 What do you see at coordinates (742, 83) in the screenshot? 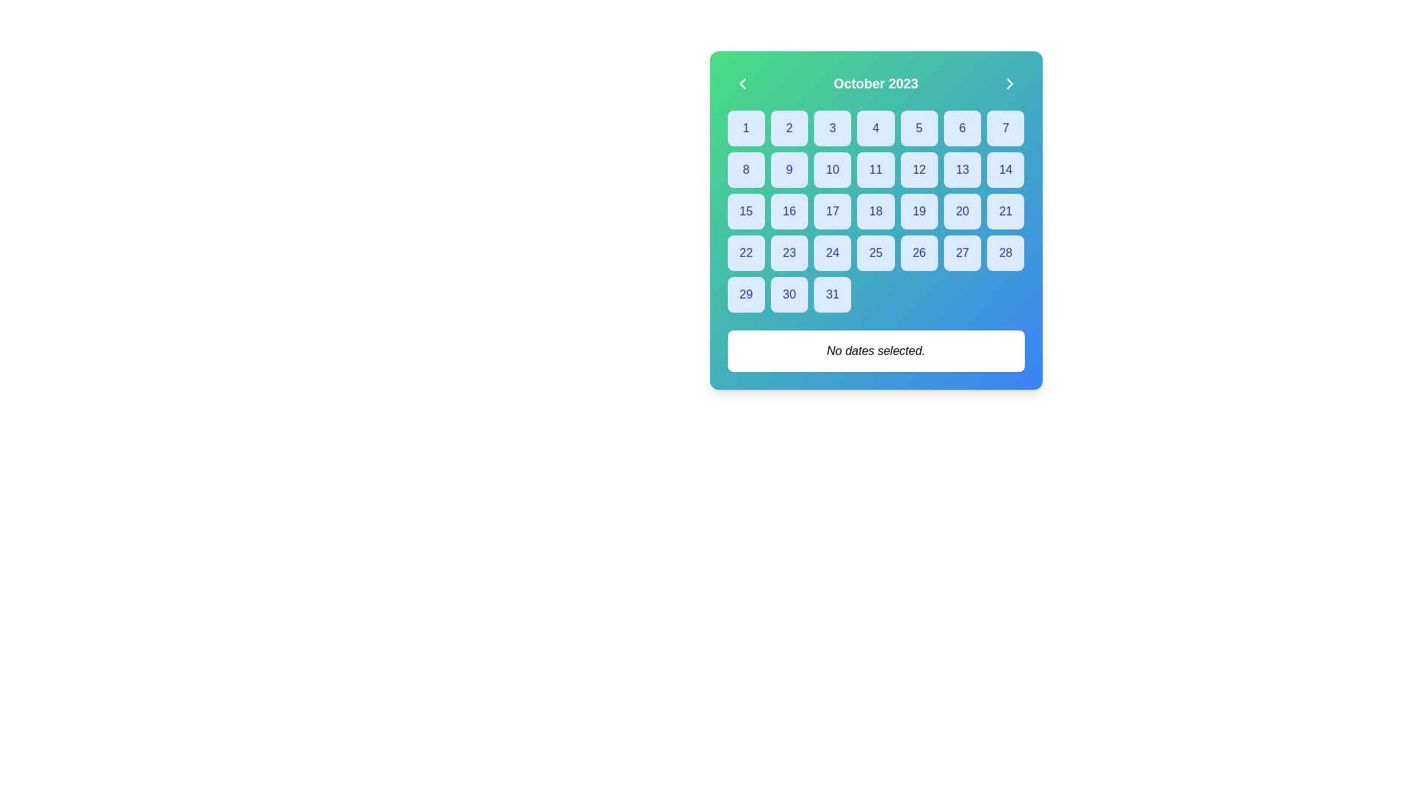
I see `the navigation icon located near the top-left corner of the calendar interface` at bounding box center [742, 83].